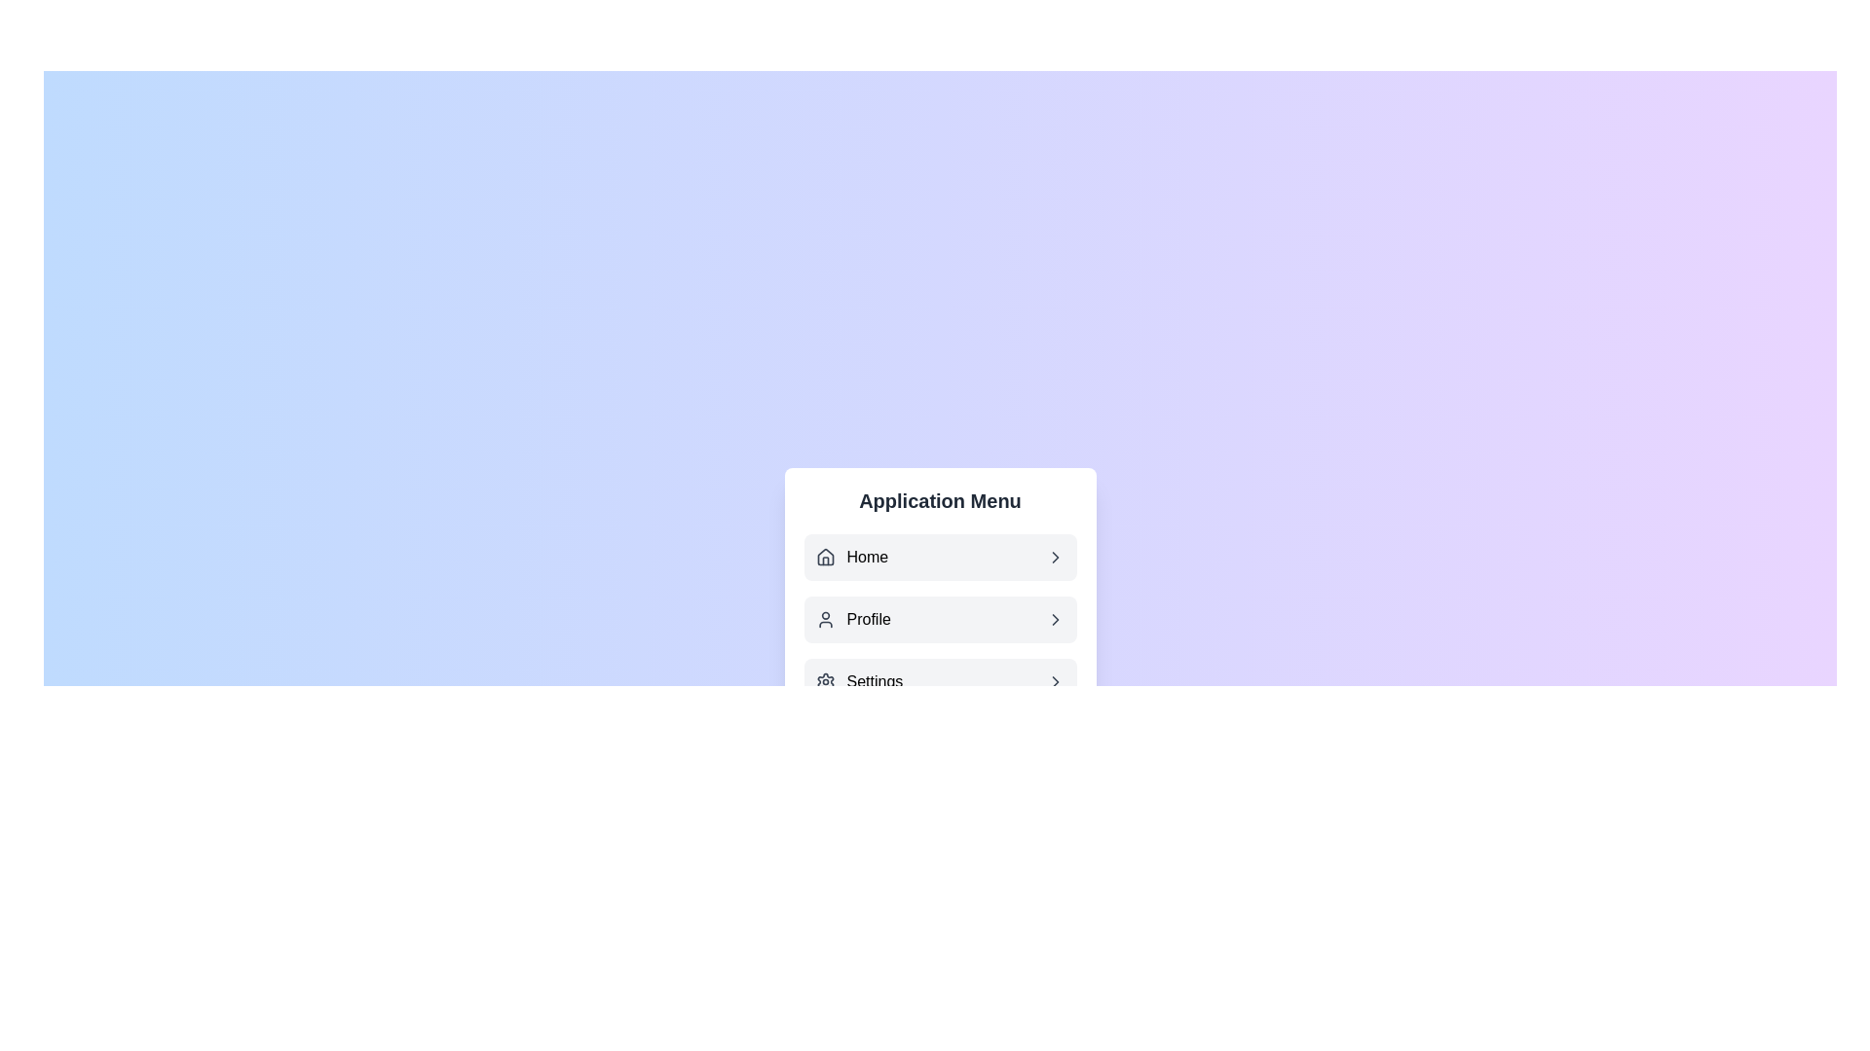 Image resolution: width=1870 pixels, height=1051 pixels. What do you see at coordinates (868, 619) in the screenshot?
I see `text label that identifies the user's profile section, located in the middle of a vertically-stacked menu list, between 'Home' and 'Settings'` at bounding box center [868, 619].